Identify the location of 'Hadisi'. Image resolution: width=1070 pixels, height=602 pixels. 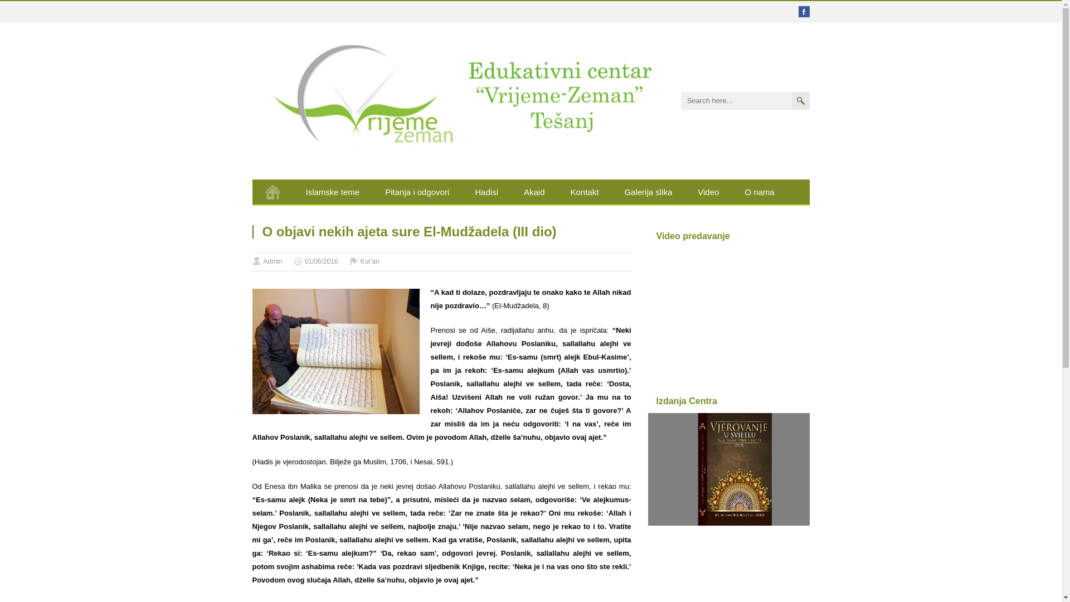
(487, 191).